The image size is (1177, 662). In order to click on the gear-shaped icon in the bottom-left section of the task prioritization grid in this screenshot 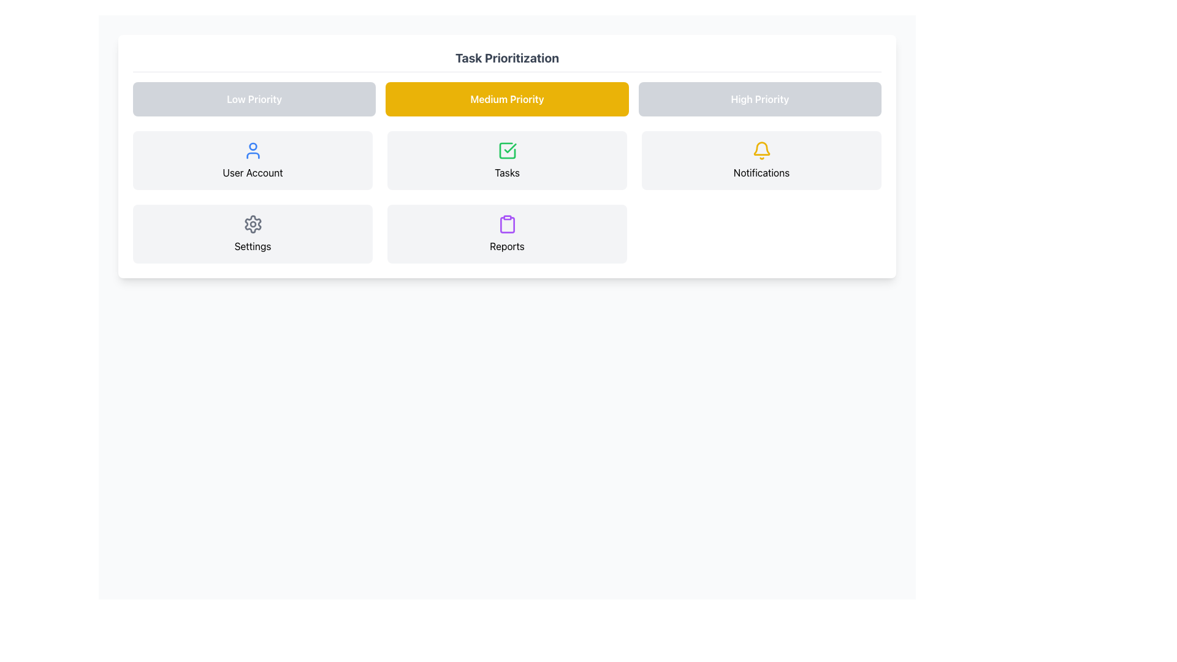, I will do `click(252, 224)`.